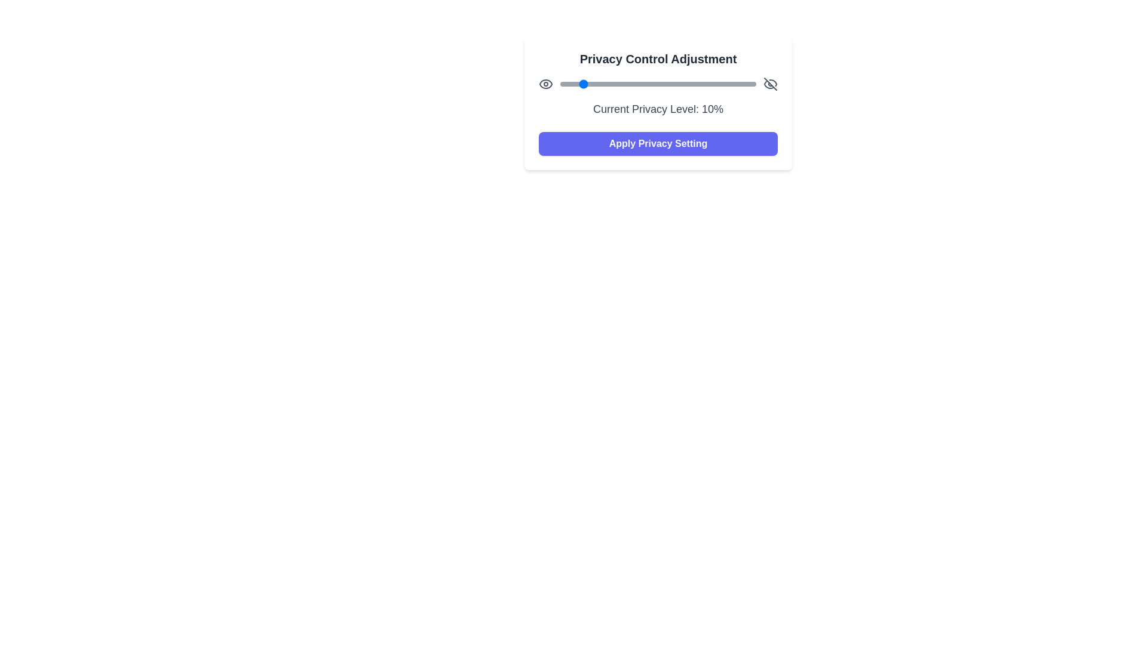  I want to click on the 'Apply Privacy Setting' button, so click(658, 143).